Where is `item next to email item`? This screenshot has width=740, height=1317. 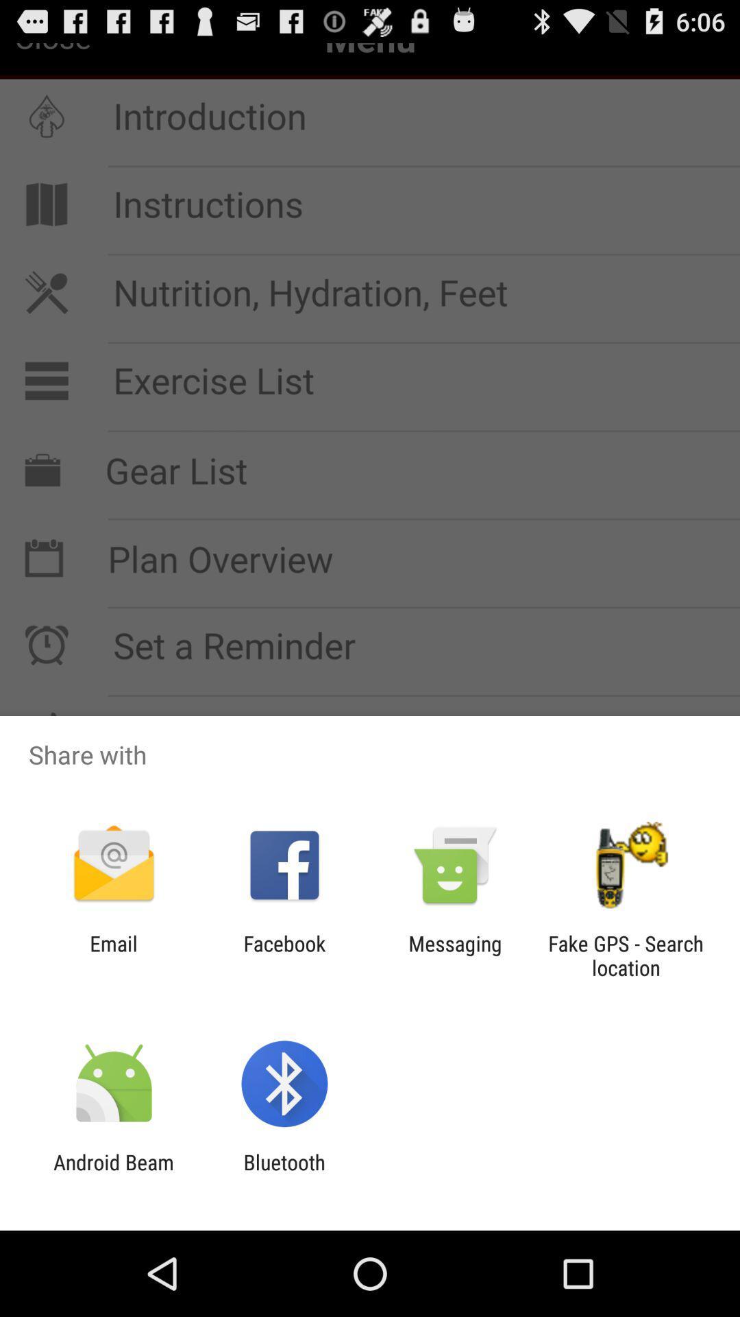 item next to email item is located at coordinates (284, 955).